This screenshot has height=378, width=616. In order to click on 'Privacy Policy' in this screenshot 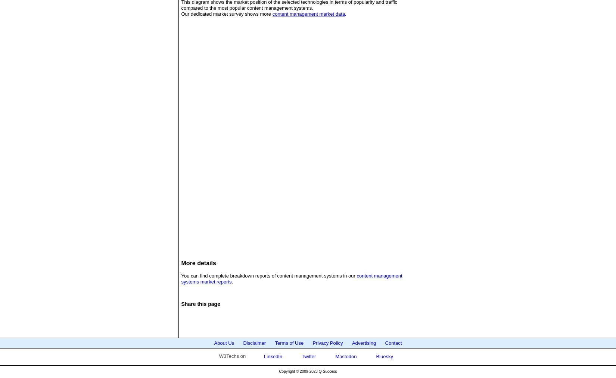, I will do `click(312, 343)`.